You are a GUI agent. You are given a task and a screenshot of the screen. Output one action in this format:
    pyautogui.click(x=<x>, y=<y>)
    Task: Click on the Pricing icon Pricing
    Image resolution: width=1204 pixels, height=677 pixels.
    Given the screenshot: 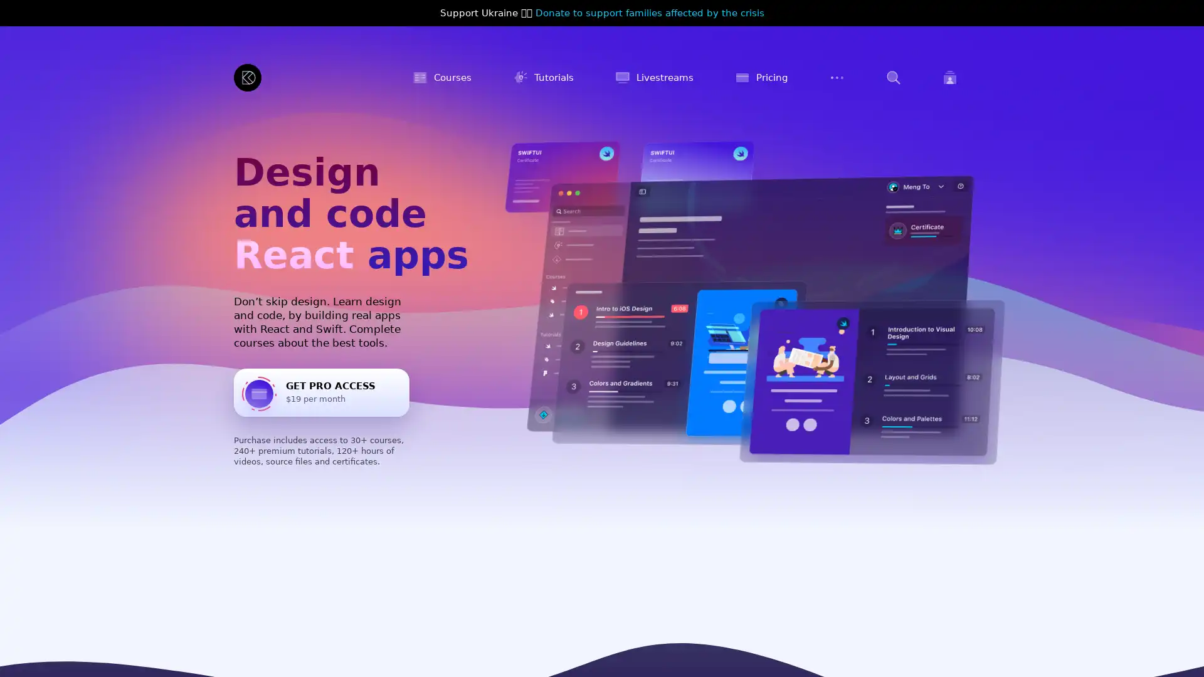 What is the action you would take?
    pyautogui.click(x=761, y=77)
    